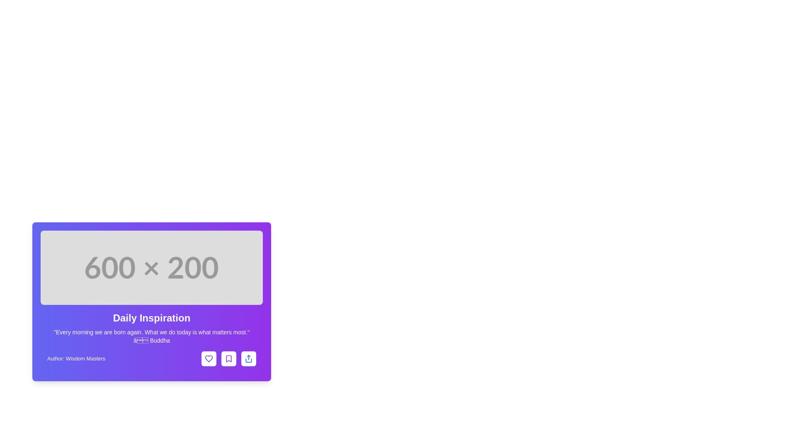  Describe the element at coordinates (209, 358) in the screenshot. I see `the heart-shaped icon located` at that location.